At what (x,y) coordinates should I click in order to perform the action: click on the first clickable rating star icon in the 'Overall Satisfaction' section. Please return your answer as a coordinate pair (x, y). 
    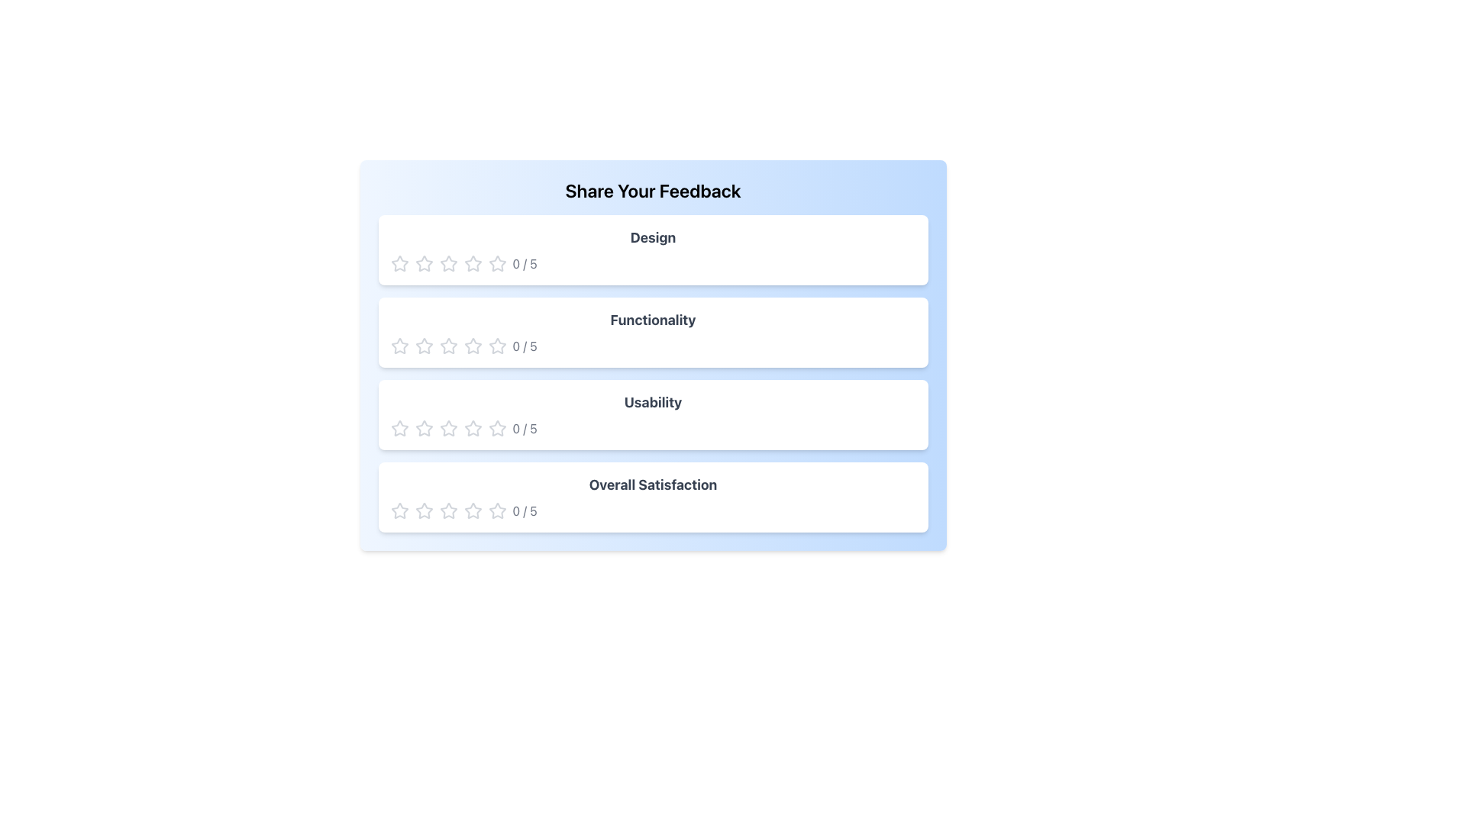
    Looking at the image, I should click on (399, 510).